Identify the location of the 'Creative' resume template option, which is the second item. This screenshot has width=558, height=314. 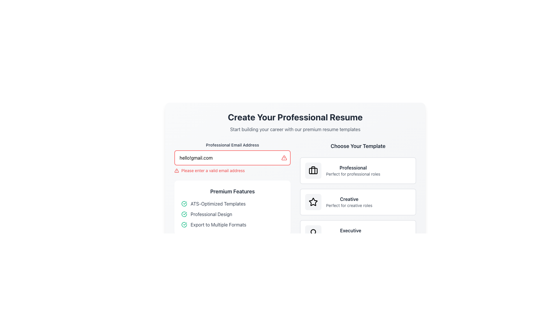
(358, 201).